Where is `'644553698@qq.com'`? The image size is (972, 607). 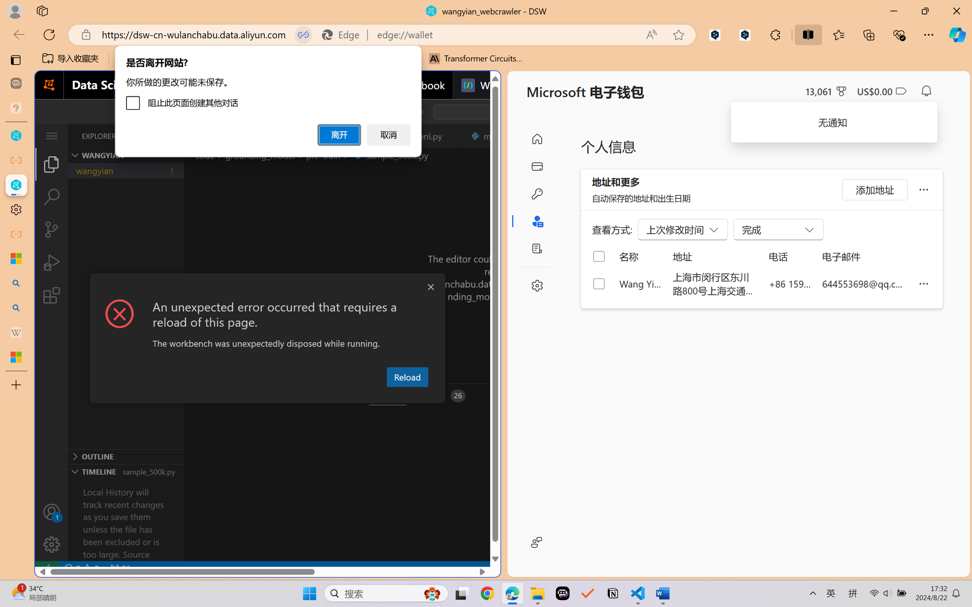 '644553698@qq.com' is located at coordinates (864, 283).